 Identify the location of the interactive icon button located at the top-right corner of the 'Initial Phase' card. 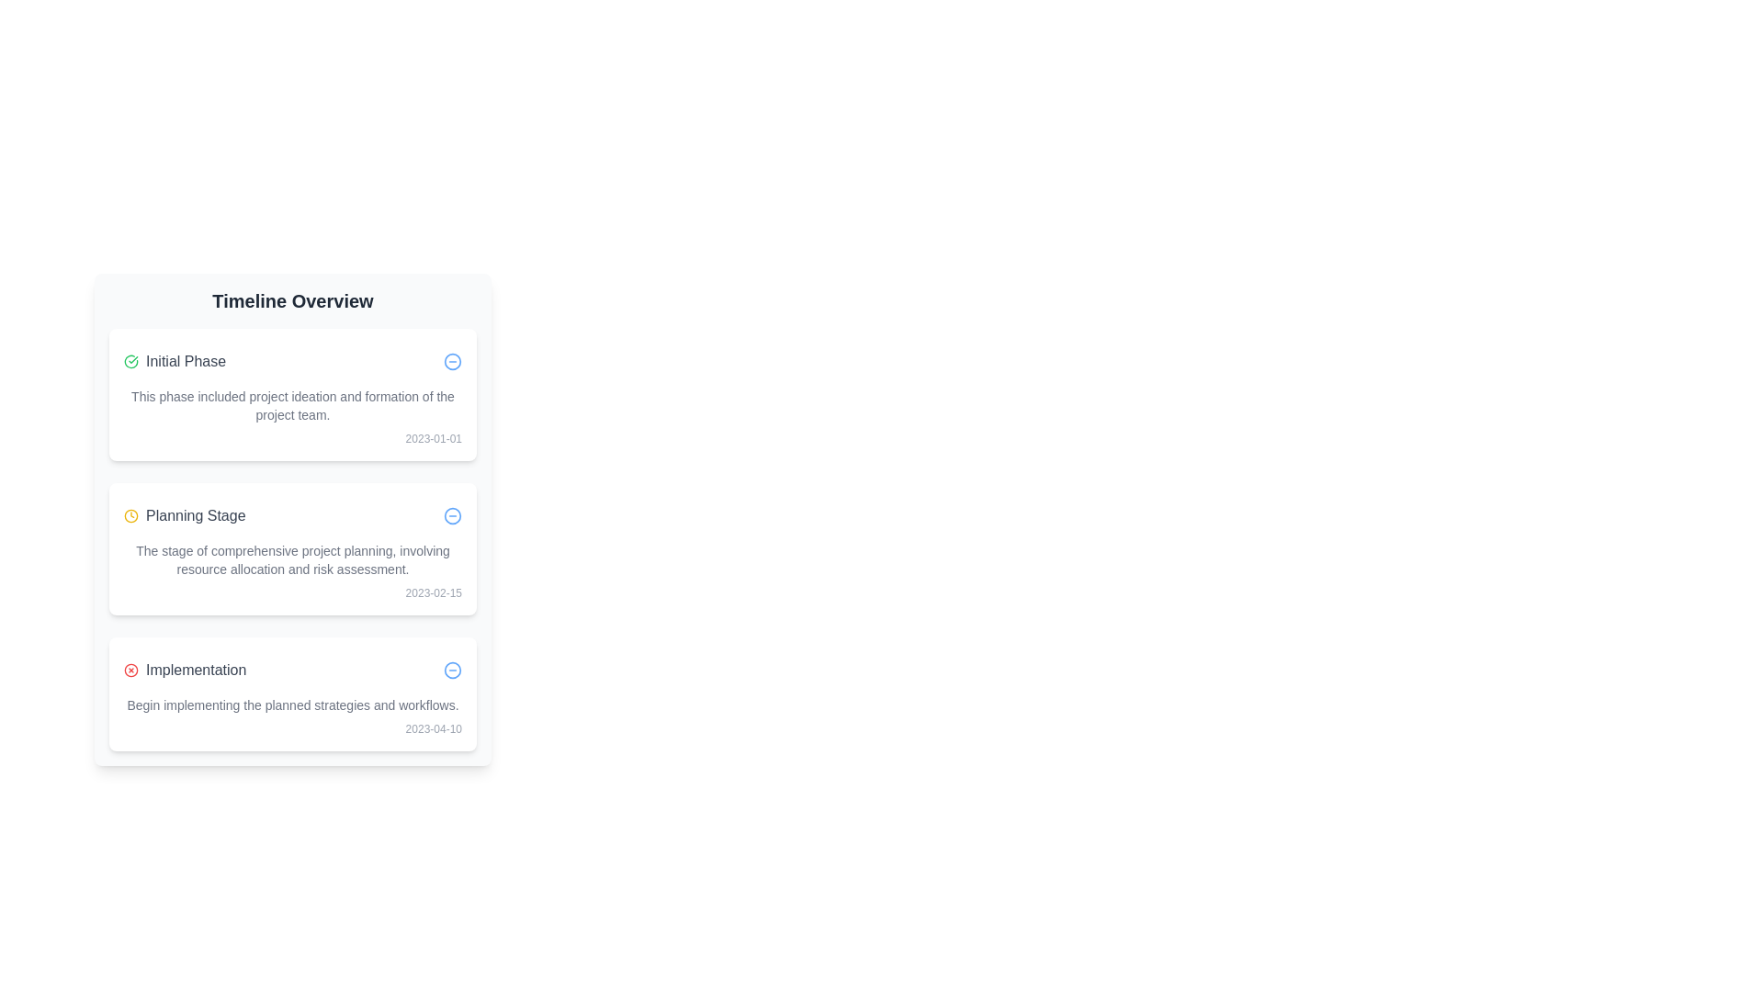
(453, 361).